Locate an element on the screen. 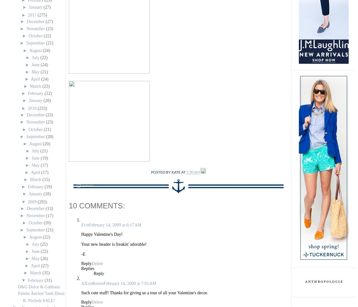 Image resolution: width=358 pixels, height=307 pixels. 'Replies' is located at coordinates (87, 268).